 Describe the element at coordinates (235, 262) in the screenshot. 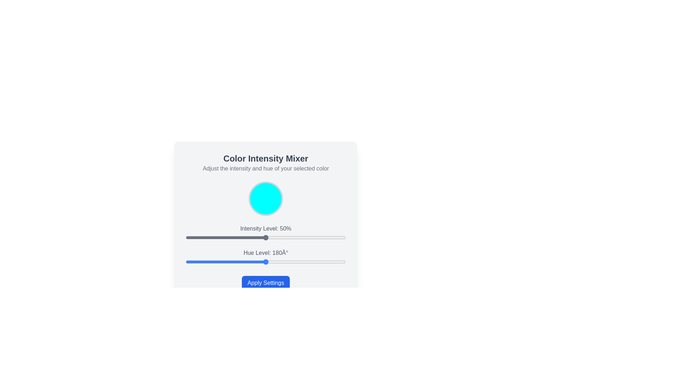

I see `the hue level slider to 112°` at that location.